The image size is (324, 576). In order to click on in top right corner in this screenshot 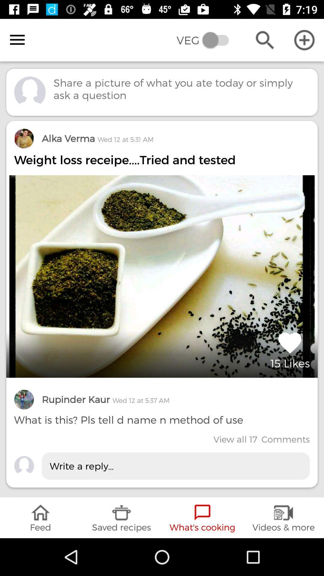, I will do `click(304, 40)`.